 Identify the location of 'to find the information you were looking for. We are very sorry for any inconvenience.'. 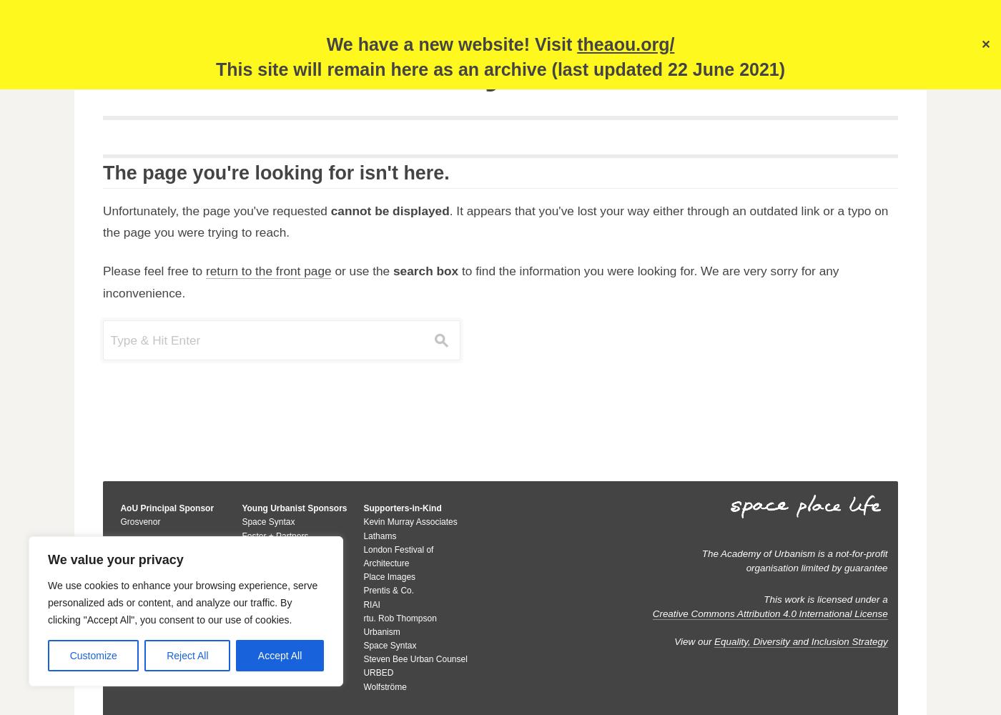
(470, 282).